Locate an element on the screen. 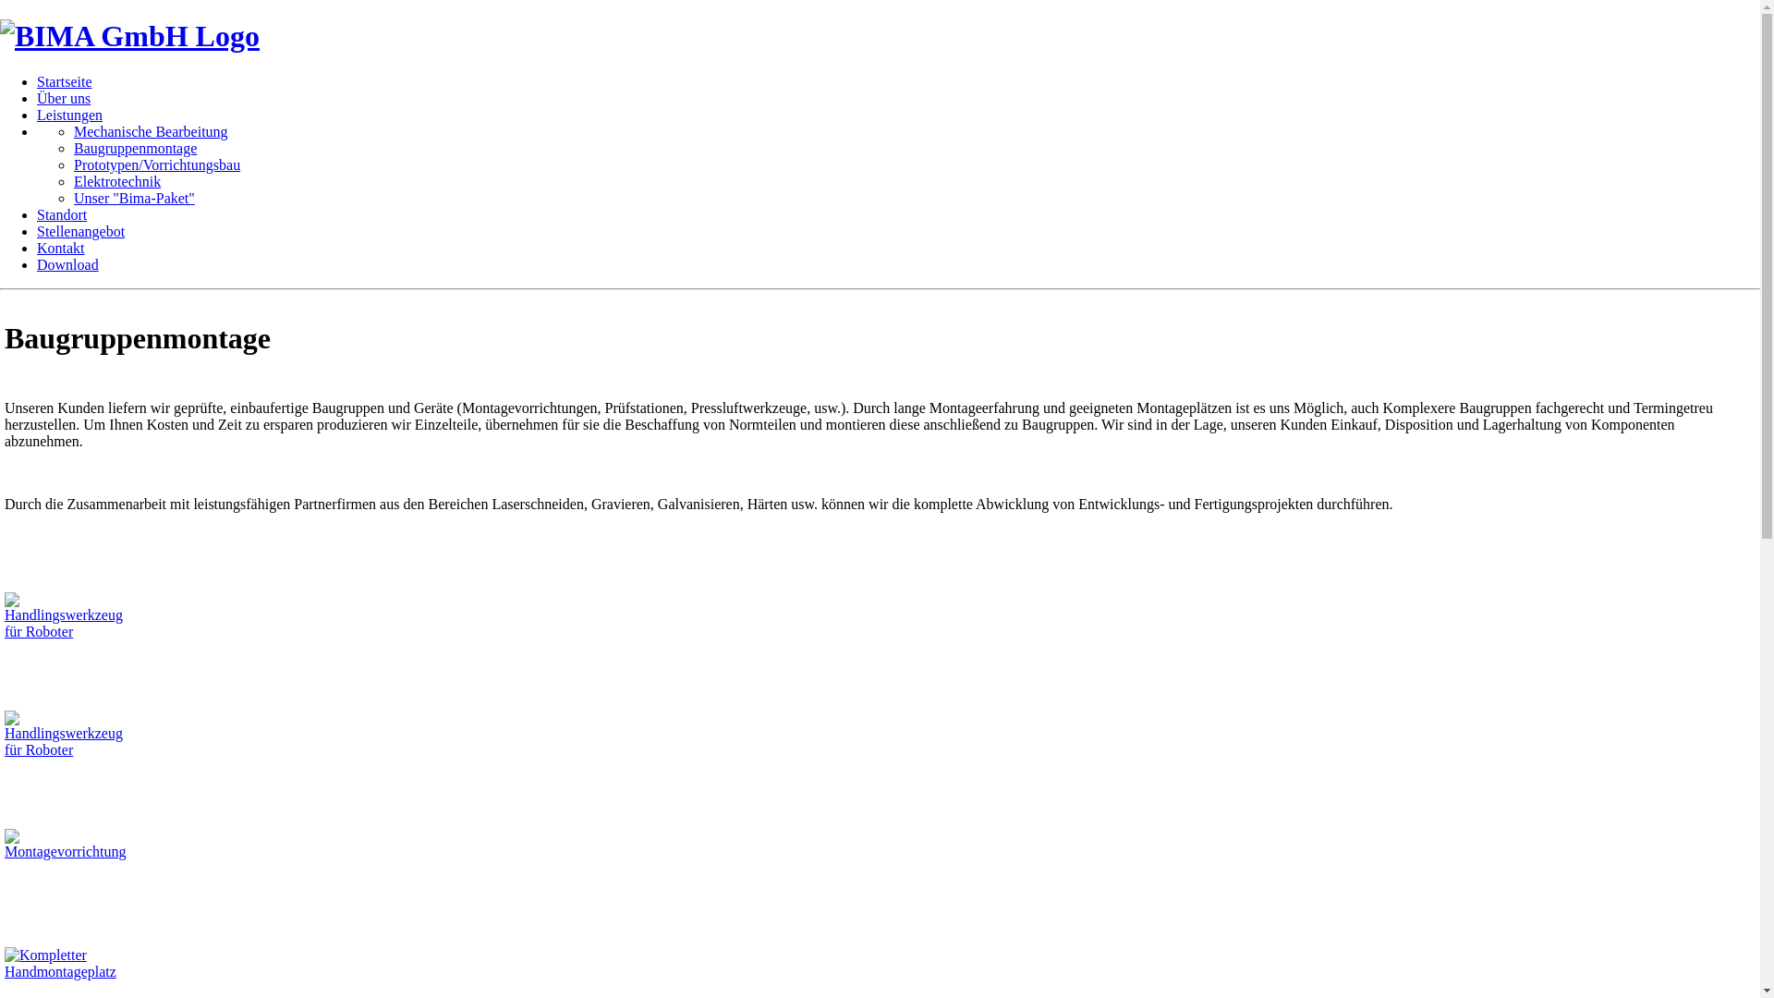 This screenshot has width=1774, height=998. 'Elektrotechnik' is located at coordinates (115, 181).